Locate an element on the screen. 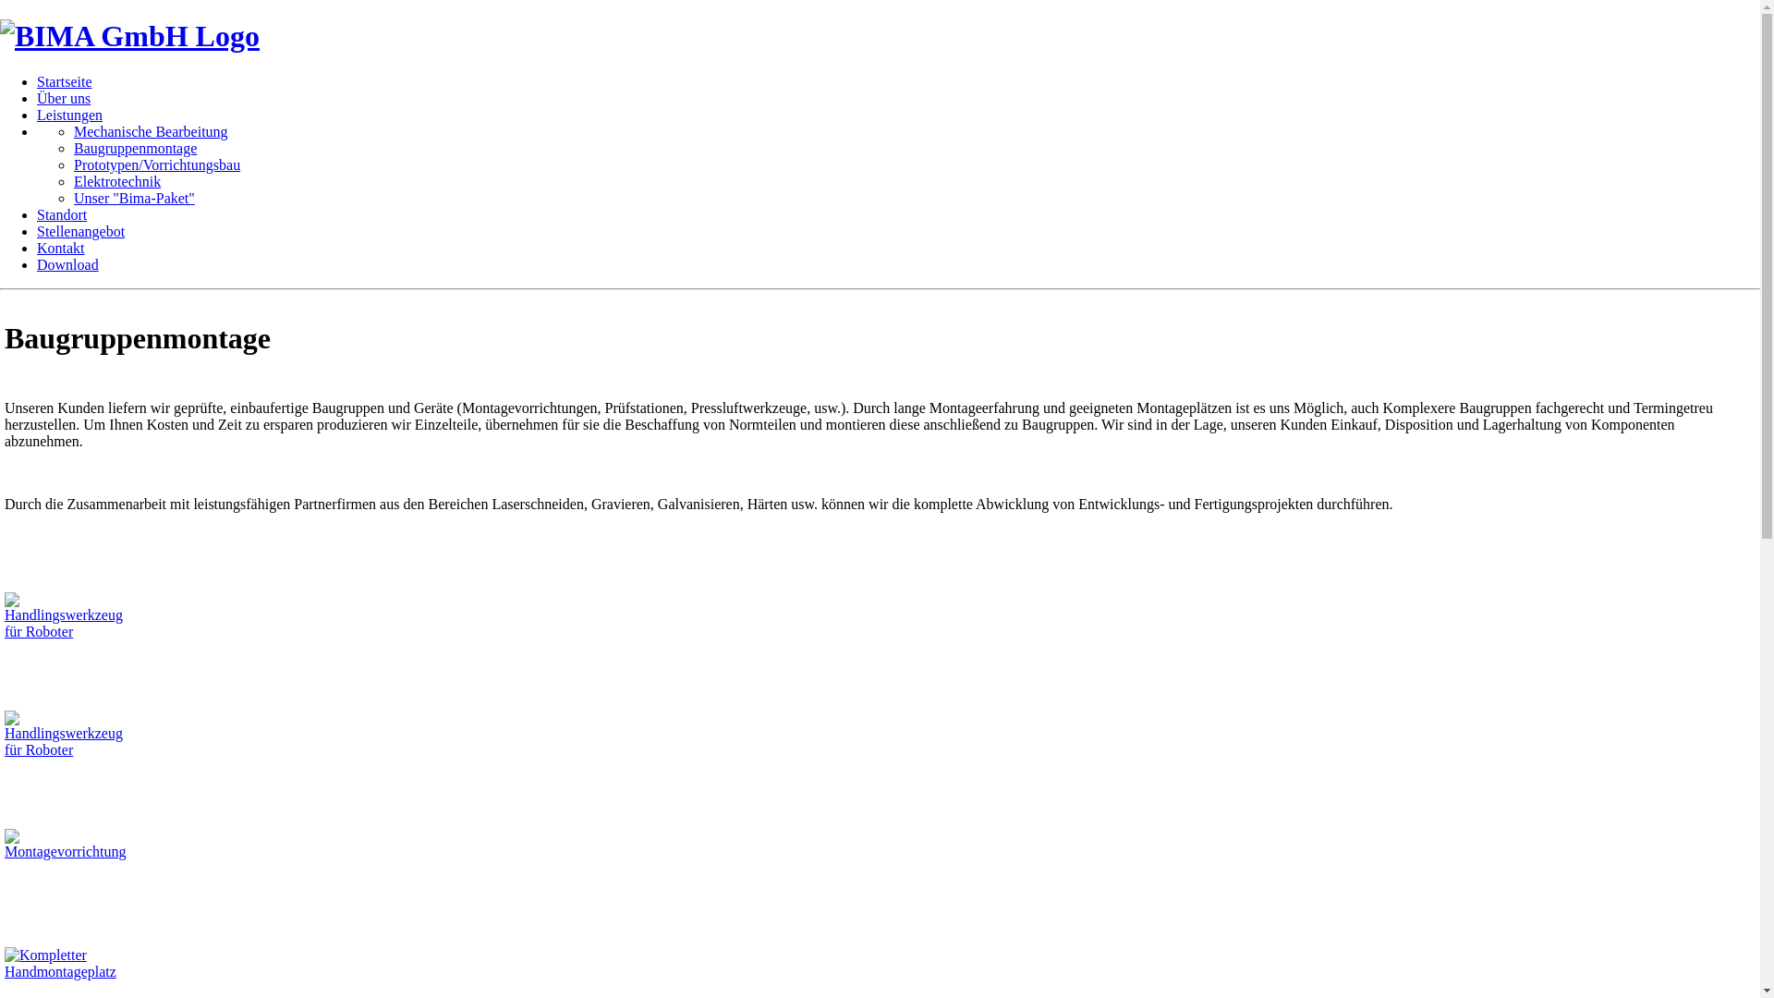 This screenshot has width=1774, height=998. 'Elektrotechnik' is located at coordinates (115, 181).